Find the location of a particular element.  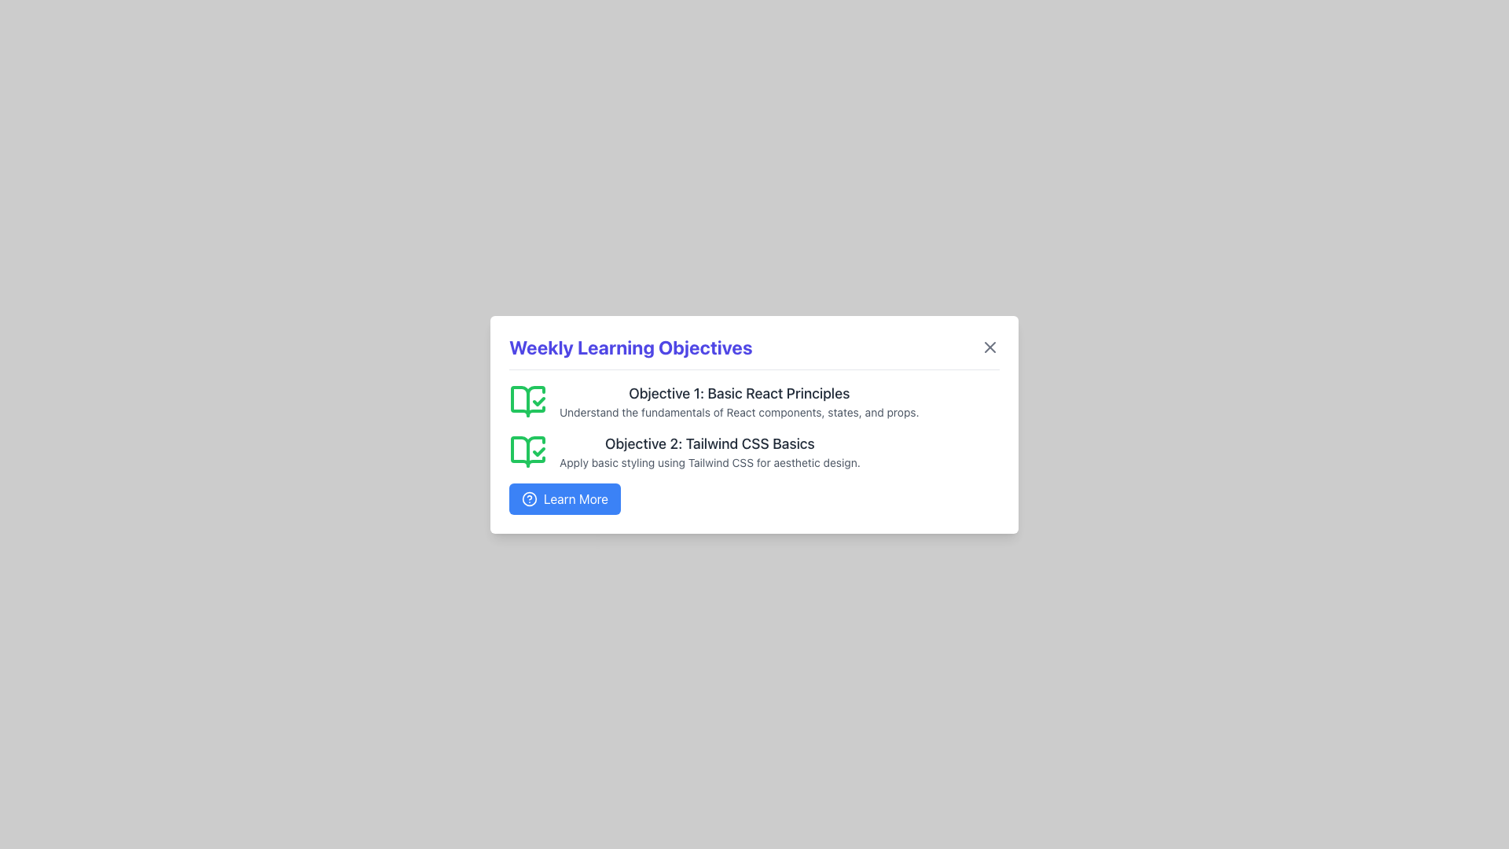

the Text Display element that indicates the title or main description of a learning objective within the curriculum or training module display, located under 'Weekly Learning Objectives.' is located at coordinates (709, 443).